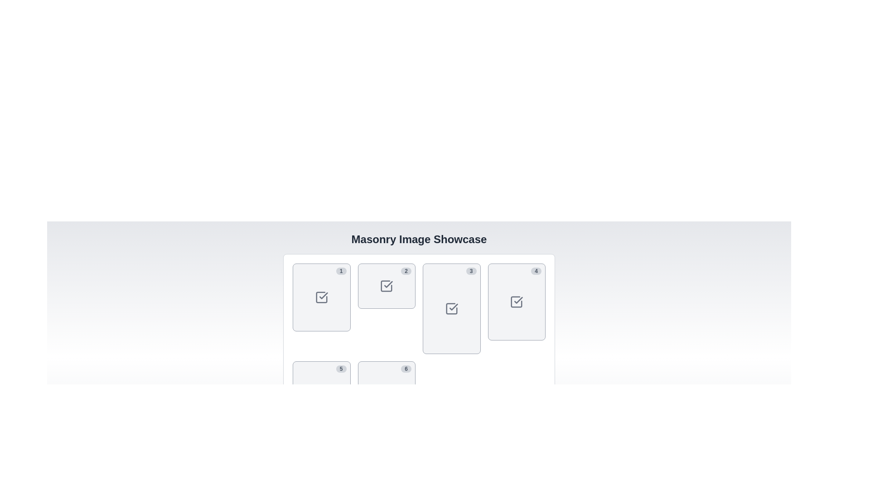  What do you see at coordinates (517, 302) in the screenshot?
I see `the button located in the fourth grid cell of the 'Masonry Image Showcase' layout` at bounding box center [517, 302].